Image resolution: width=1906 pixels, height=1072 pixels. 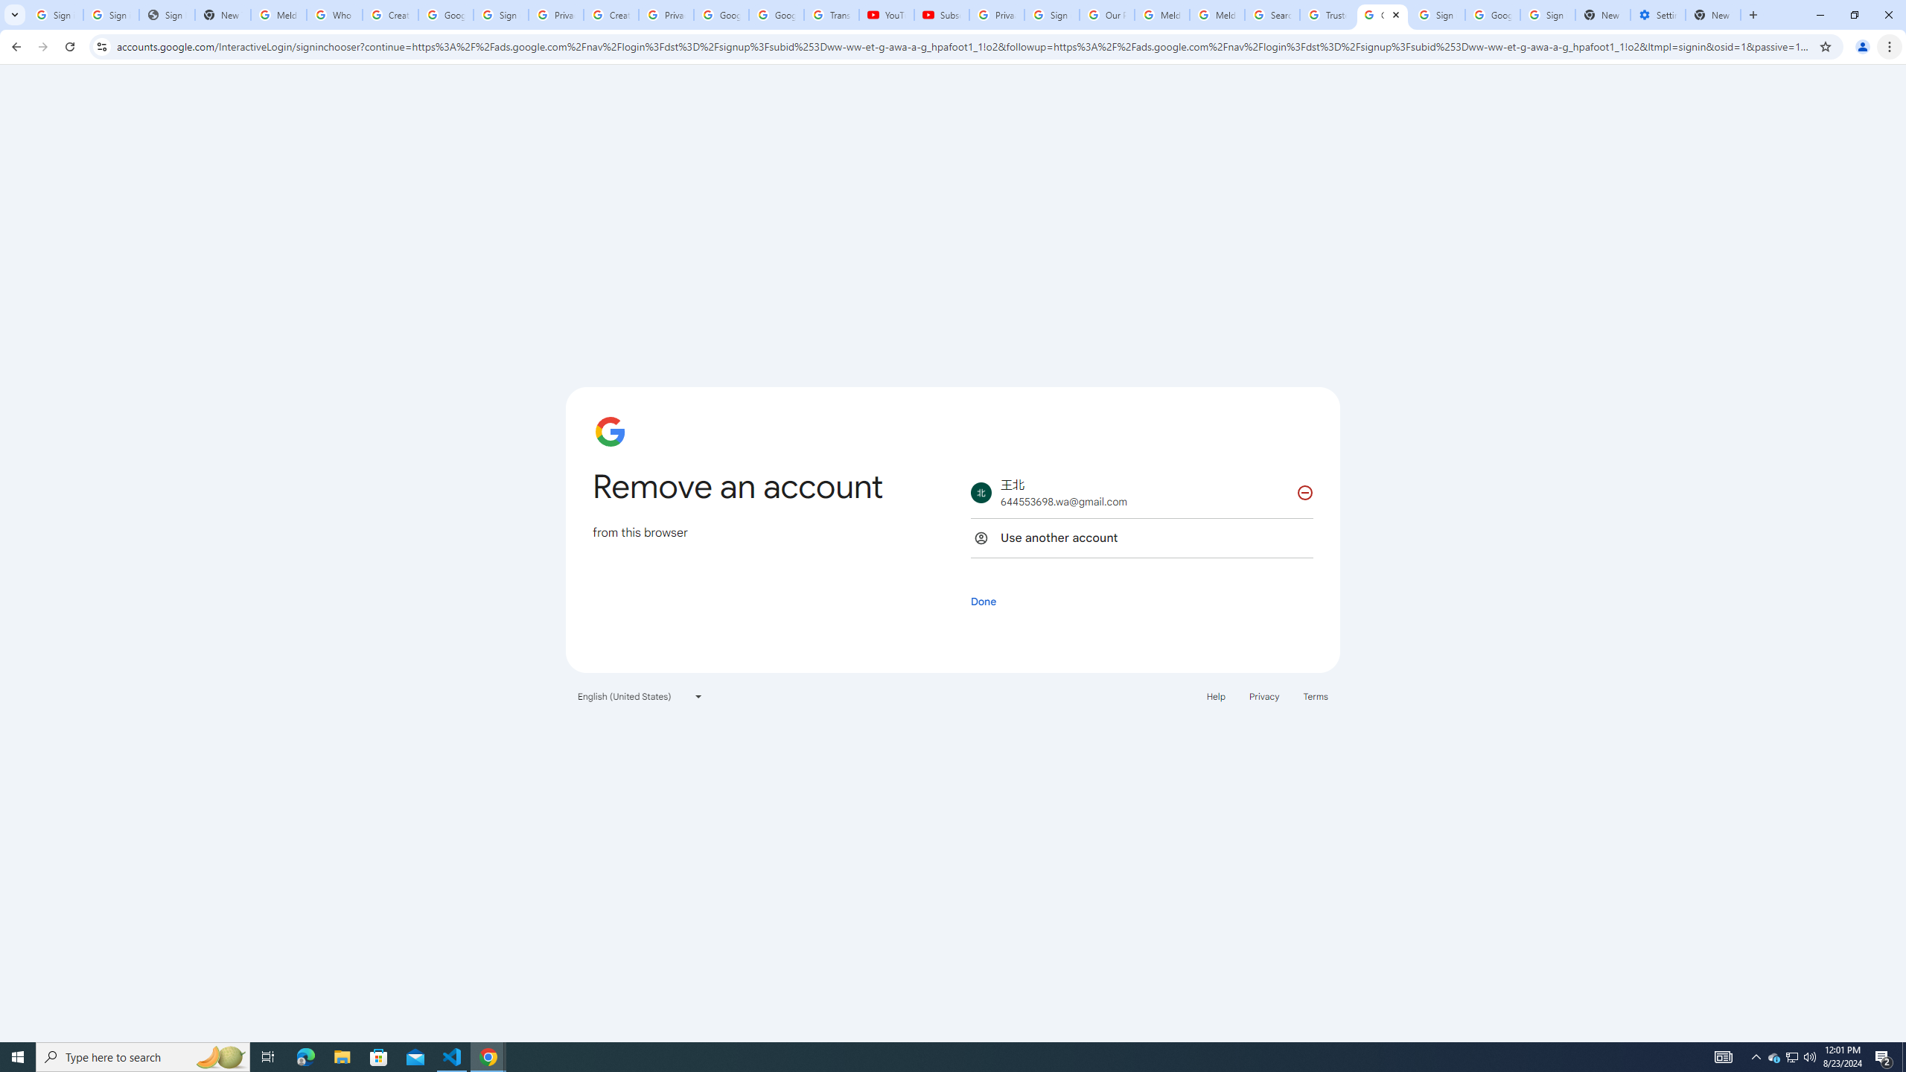 What do you see at coordinates (611, 14) in the screenshot?
I see `'Create your Google Account'` at bounding box center [611, 14].